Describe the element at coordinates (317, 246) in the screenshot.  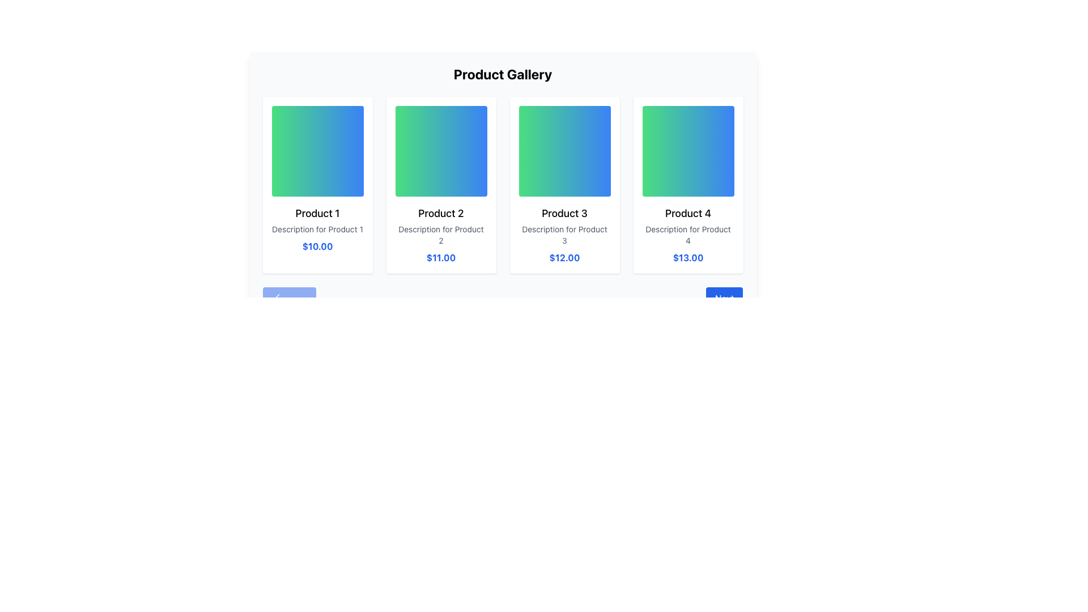
I see `the bold blue text displaying the price '$10.00' located at the bottom-right corner of the product card for 'Product 1'` at that location.